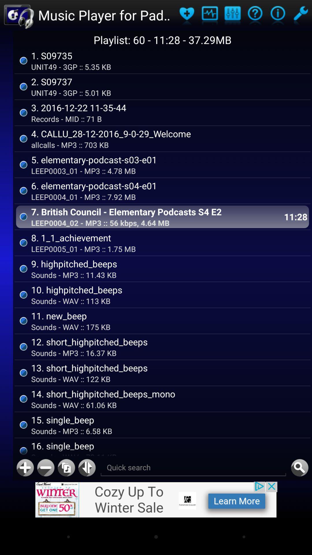 The image size is (312, 555). What do you see at coordinates (232, 16) in the screenshot?
I see `the sliders icon` at bounding box center [232, 16].